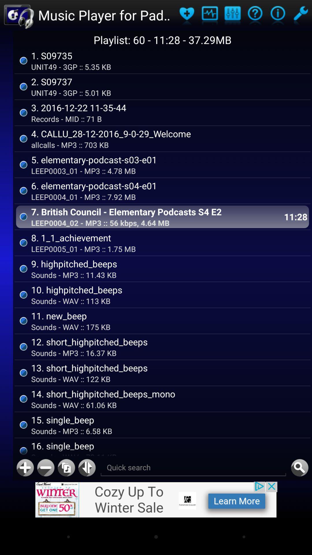 The image size is (312, 555). What do you see at coordinates (232, 16) in the screenshot?
I see `the sliders icon` at bounding box center [232, 16].